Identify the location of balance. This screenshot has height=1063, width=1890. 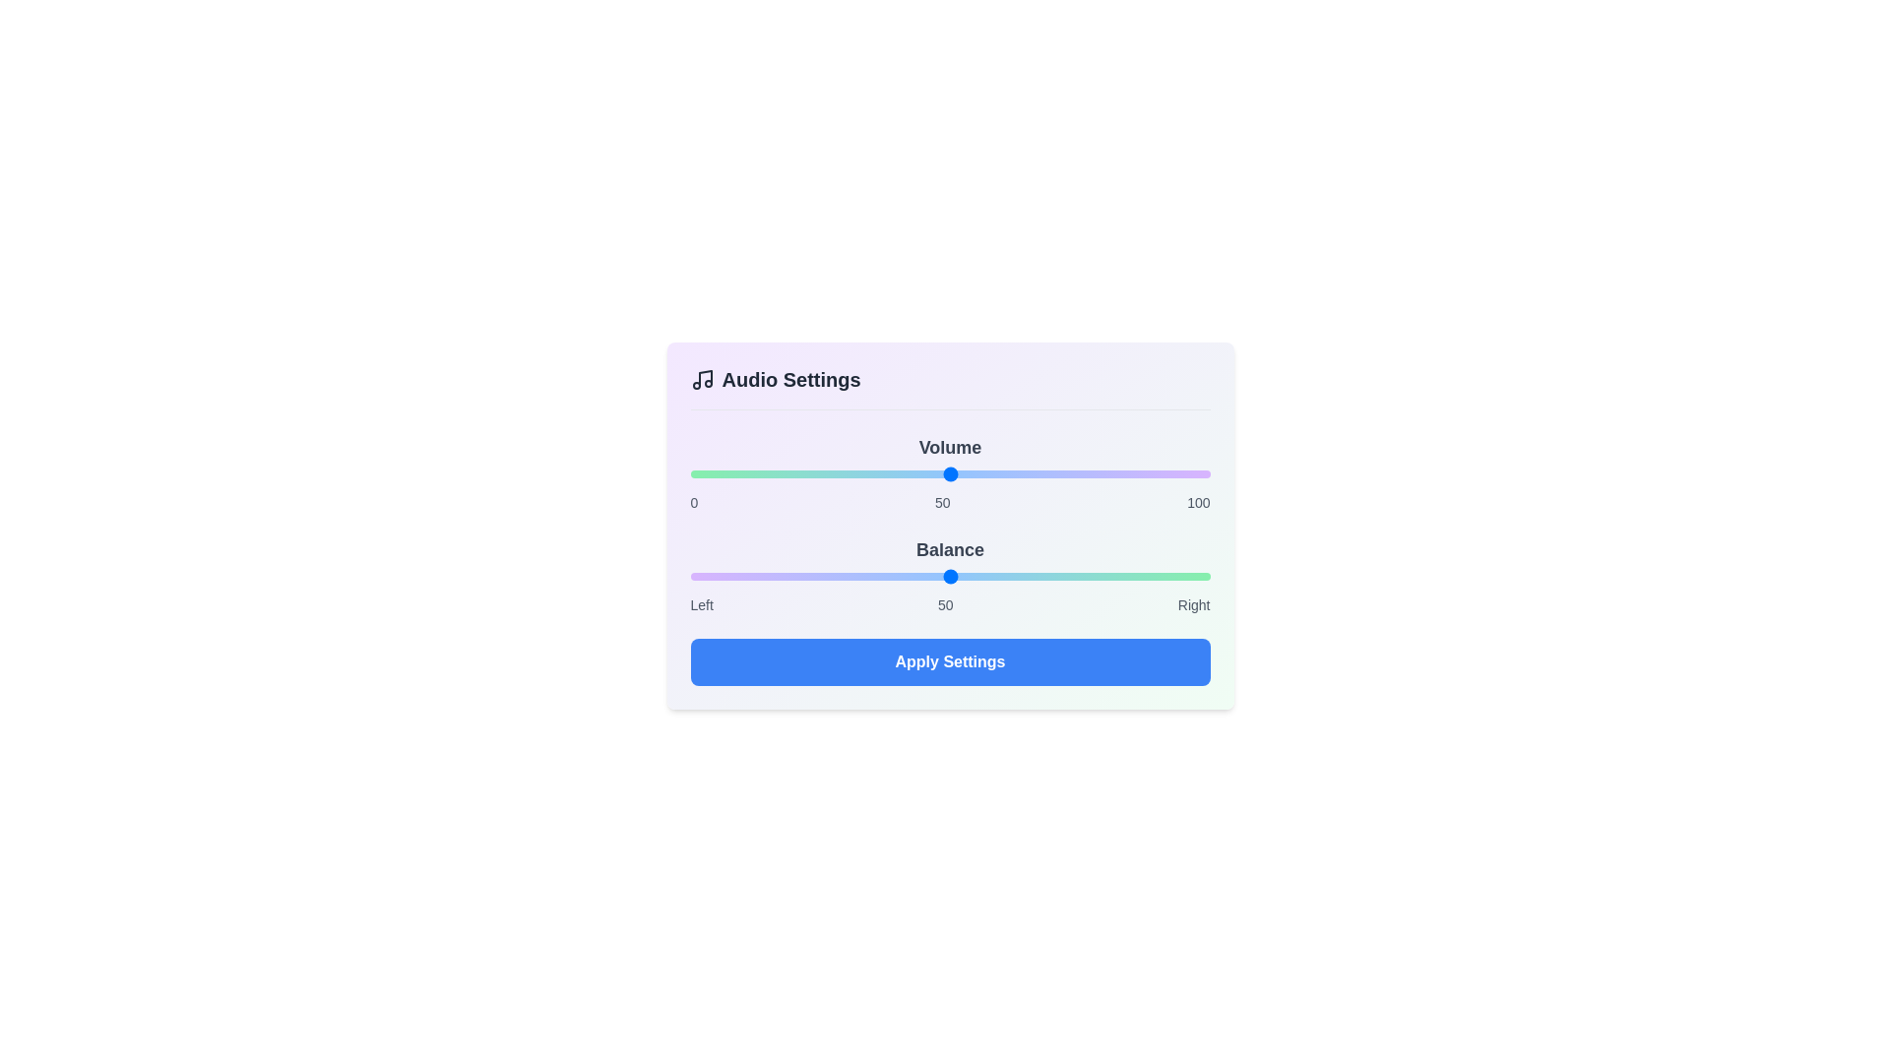
(1137, 576).